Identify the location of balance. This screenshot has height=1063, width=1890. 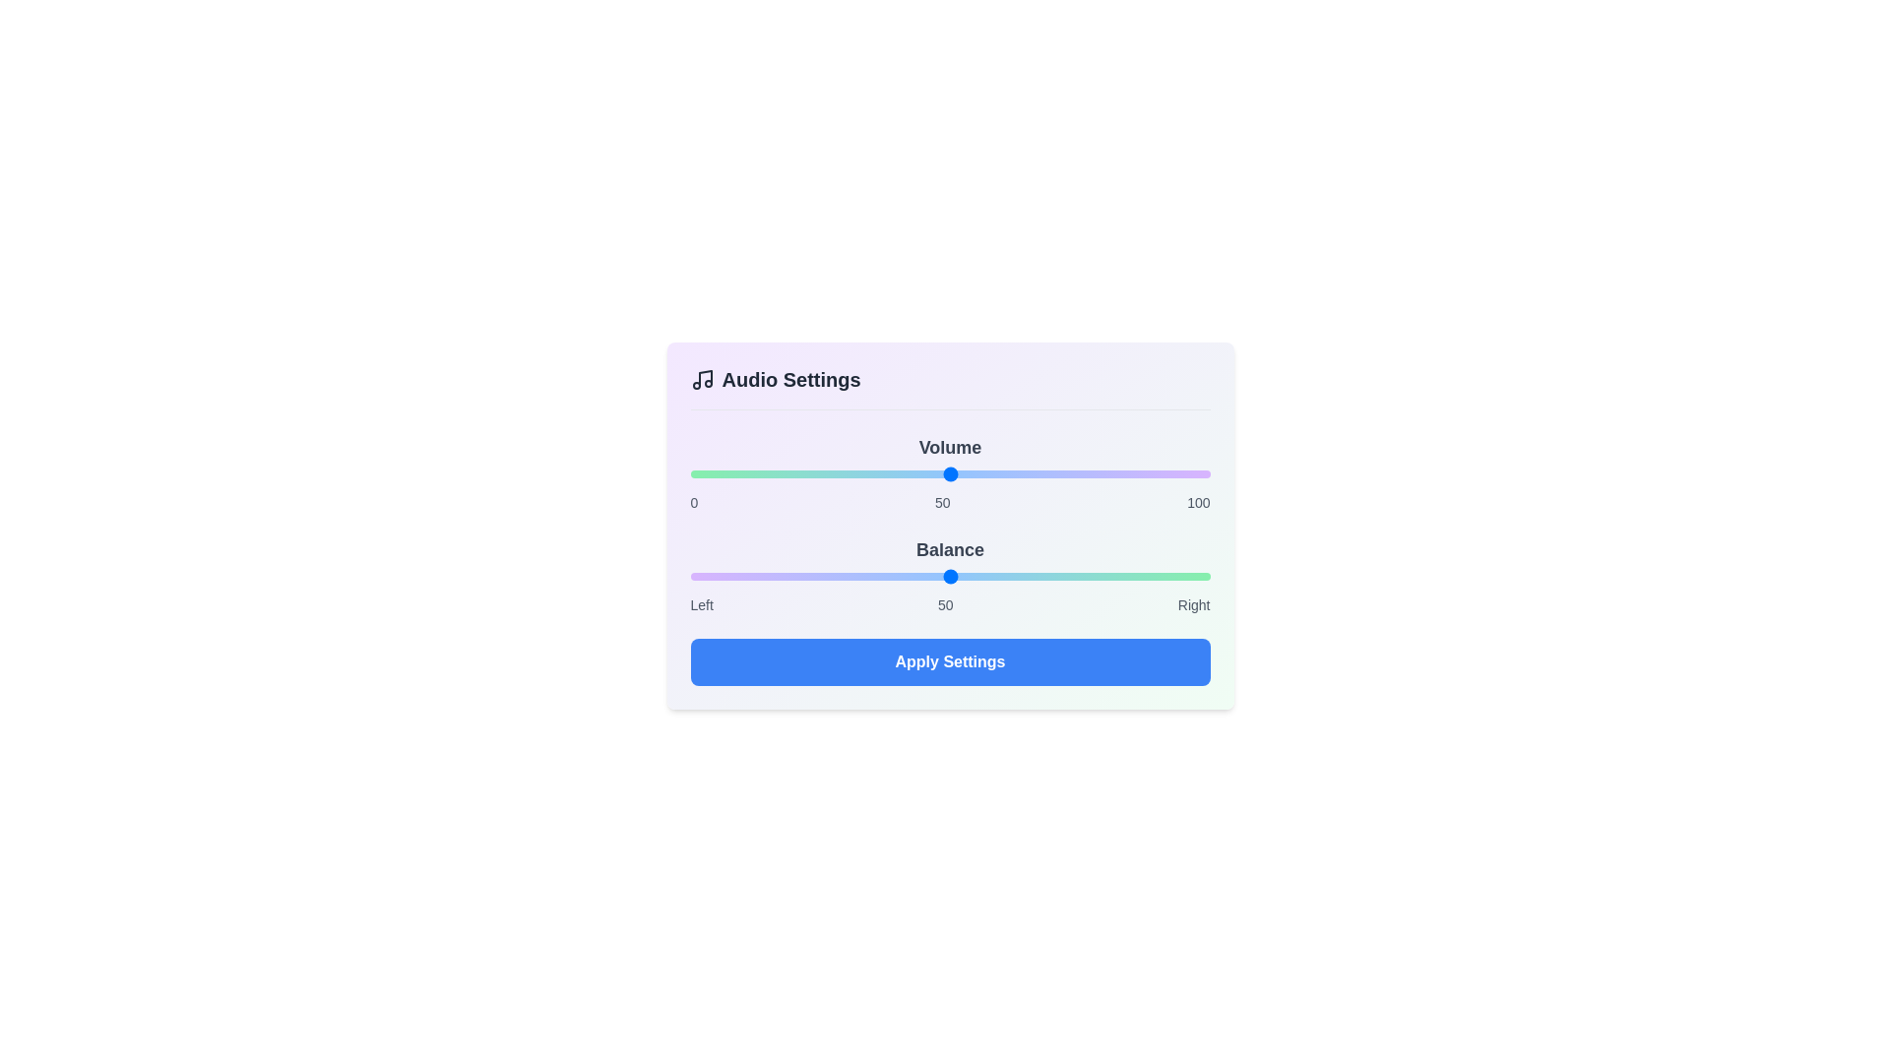
(1137, 576).